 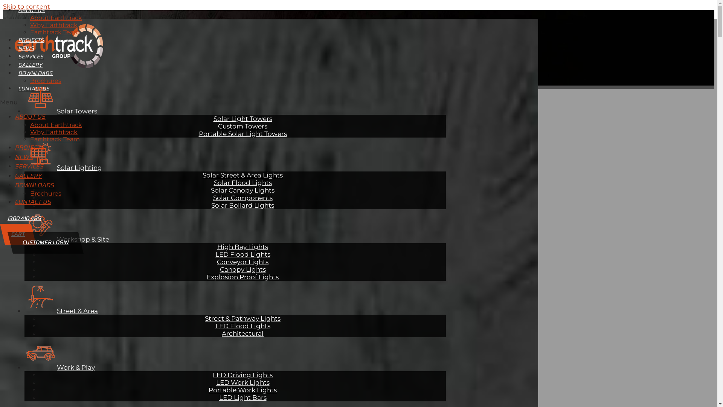 I want to click on 'Conveyor Lights', so click(x=243, y=261).